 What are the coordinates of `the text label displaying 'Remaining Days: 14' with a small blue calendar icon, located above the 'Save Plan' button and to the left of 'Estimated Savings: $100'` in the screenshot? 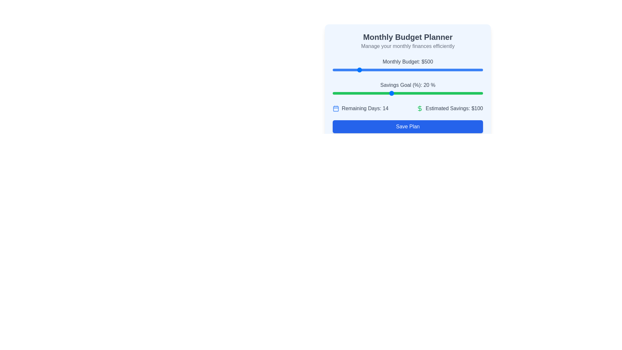 It's located at (360, 108).